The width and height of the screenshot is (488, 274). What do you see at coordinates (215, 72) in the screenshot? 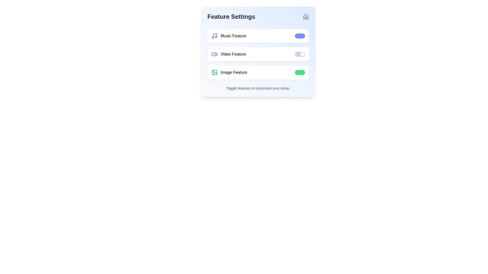
I see `background rectangle element within the SVG icon located in the third row of the settings menu, to the left of the 'Image Feature' text label, for its dimensions or styling` at bounding box center [215, 72].